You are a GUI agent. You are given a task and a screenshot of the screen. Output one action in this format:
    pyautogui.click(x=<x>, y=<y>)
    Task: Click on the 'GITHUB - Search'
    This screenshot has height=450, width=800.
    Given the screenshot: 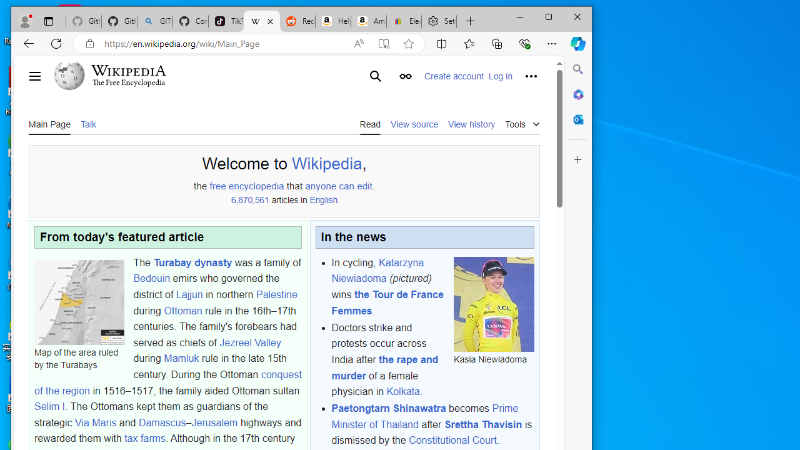 What is the action you would take?
    pyautogui.click(x=154, y=21)
    